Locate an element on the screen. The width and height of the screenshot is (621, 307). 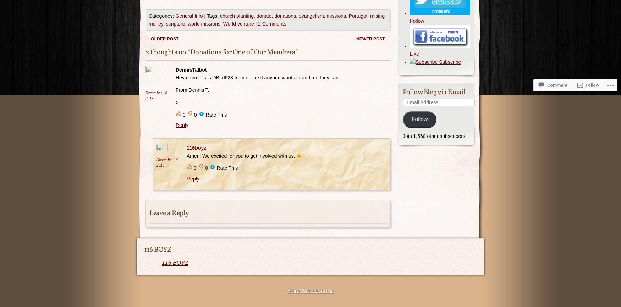
'2 thoughts on “' is located at coordinates (167, 52).